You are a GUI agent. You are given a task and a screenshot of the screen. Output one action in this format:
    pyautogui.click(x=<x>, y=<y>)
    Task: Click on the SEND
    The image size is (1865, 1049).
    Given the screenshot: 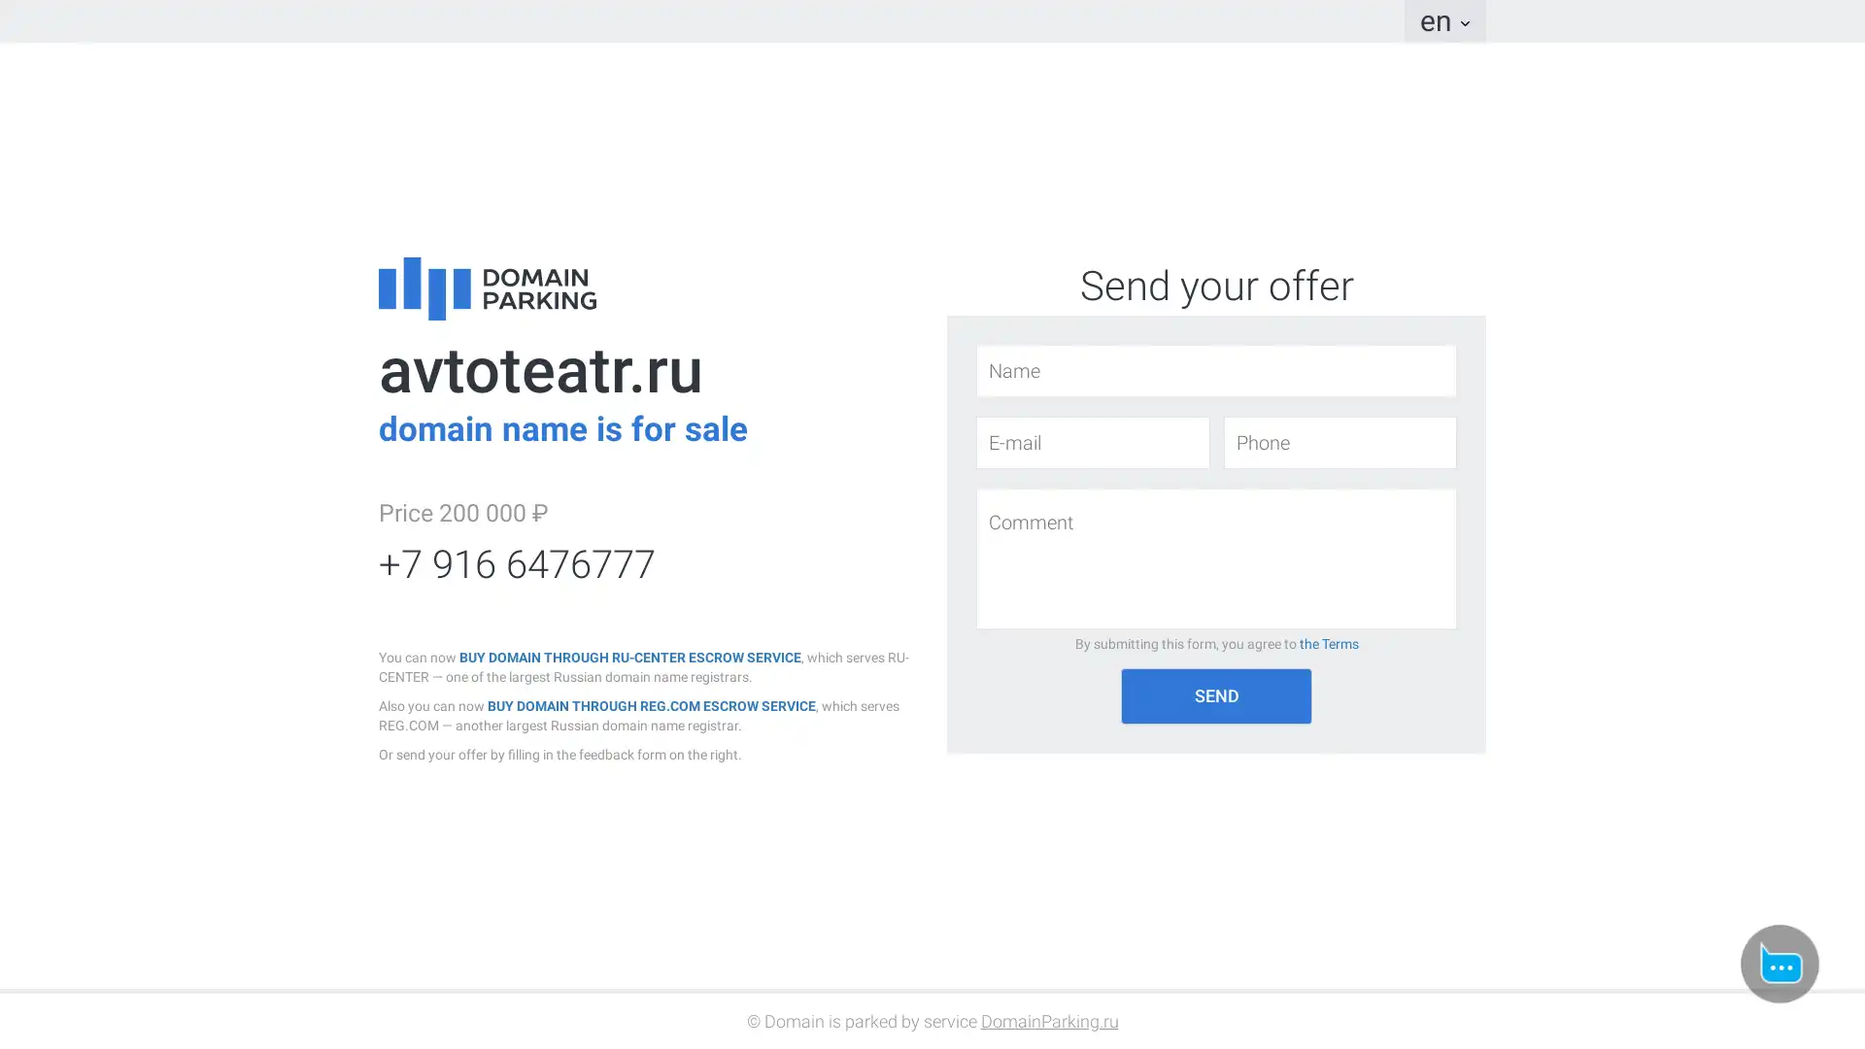 What is the action you would take?
    pyautogui.click(x=1215, y=694)
    